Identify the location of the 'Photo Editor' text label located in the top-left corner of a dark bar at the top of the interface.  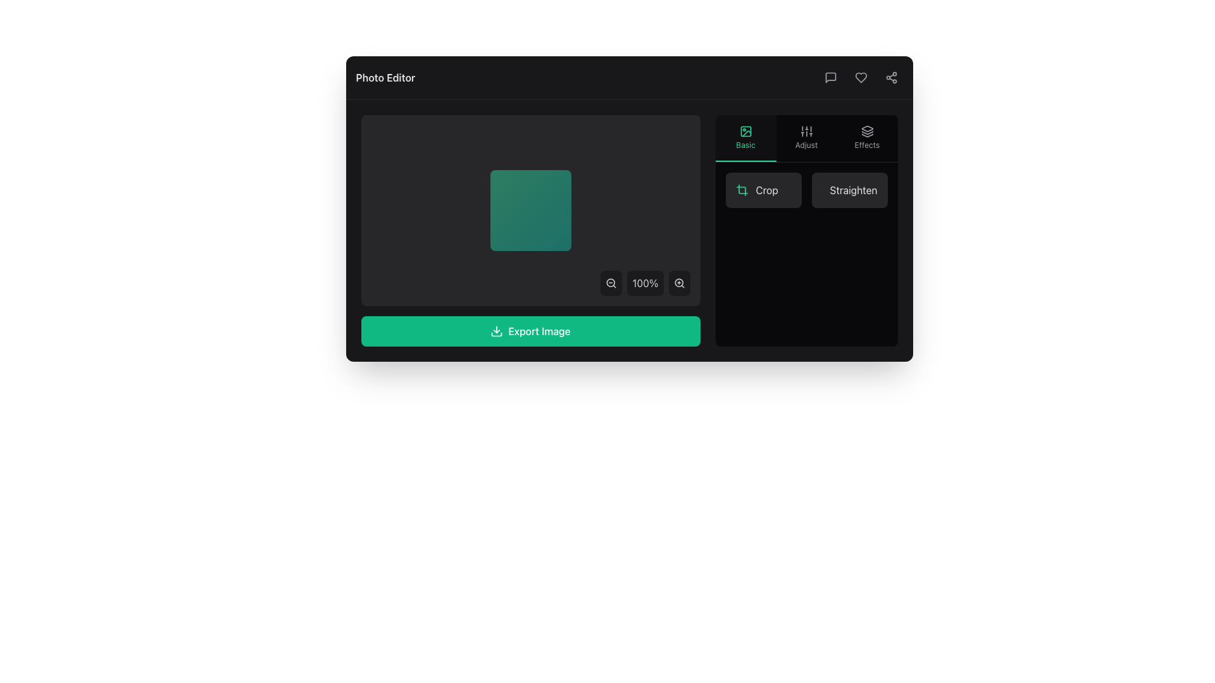
(385, 78).